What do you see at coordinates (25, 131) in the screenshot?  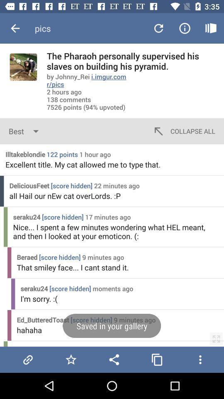 I see `the best icon` at bounding box center [25, 131].